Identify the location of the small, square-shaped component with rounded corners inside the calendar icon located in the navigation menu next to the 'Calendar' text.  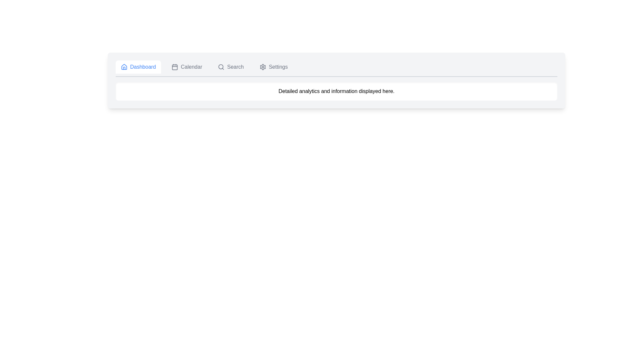
(175, 67).